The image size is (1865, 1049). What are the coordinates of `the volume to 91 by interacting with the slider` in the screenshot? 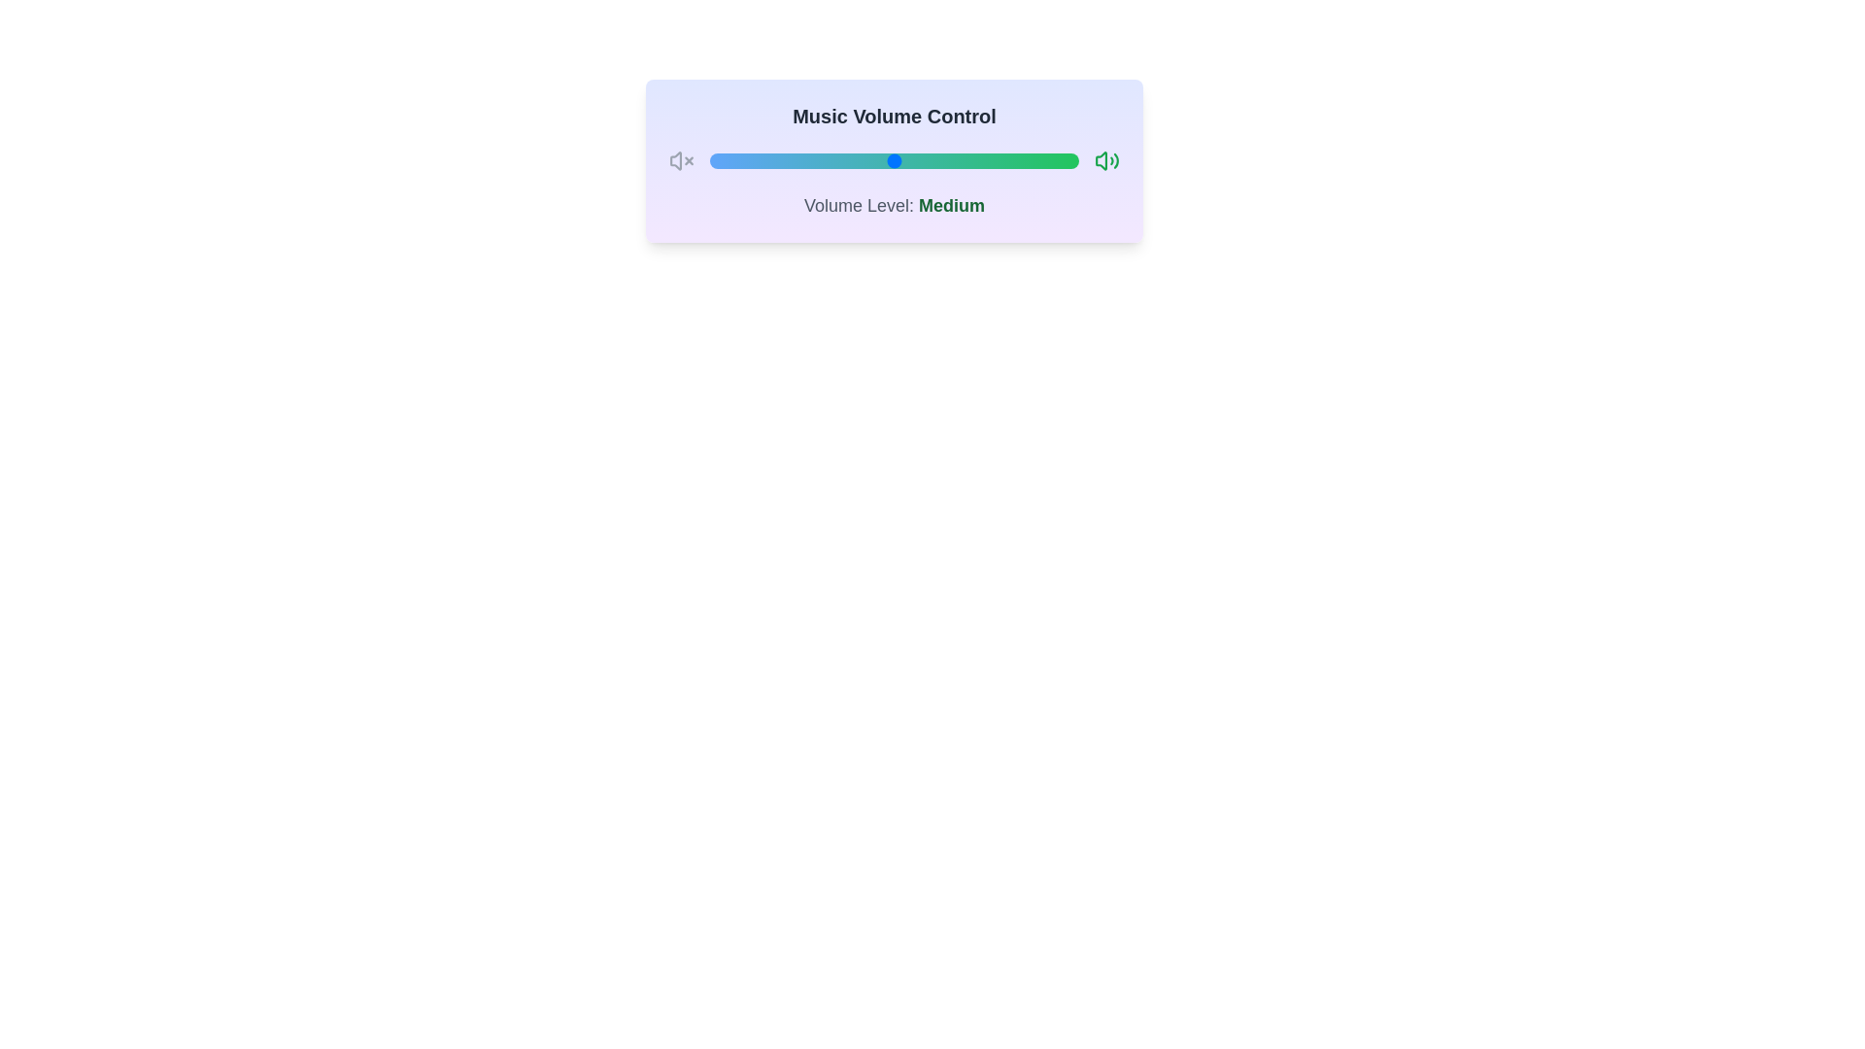 It's located at (1044, 159).